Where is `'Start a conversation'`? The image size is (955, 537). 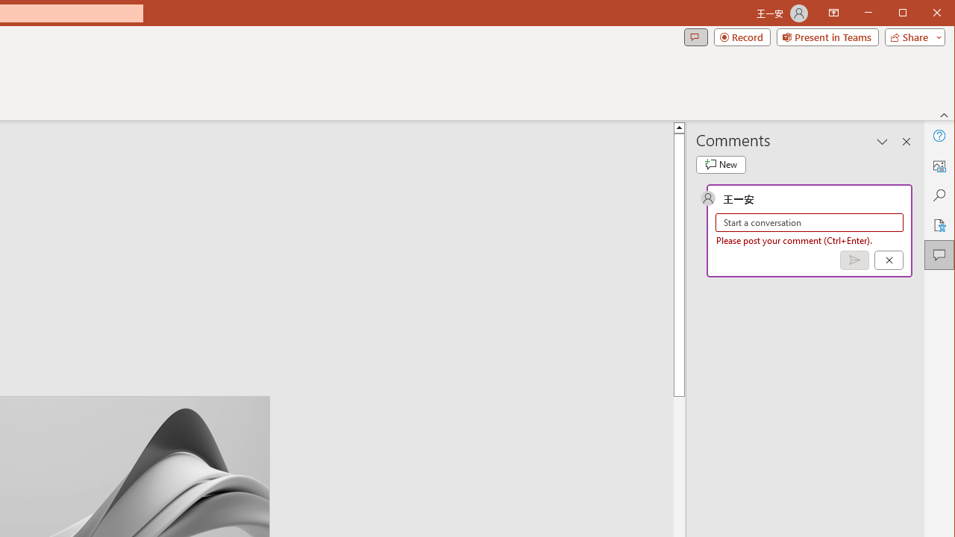 'Start a conversation' is located at coordinates (809, 222).